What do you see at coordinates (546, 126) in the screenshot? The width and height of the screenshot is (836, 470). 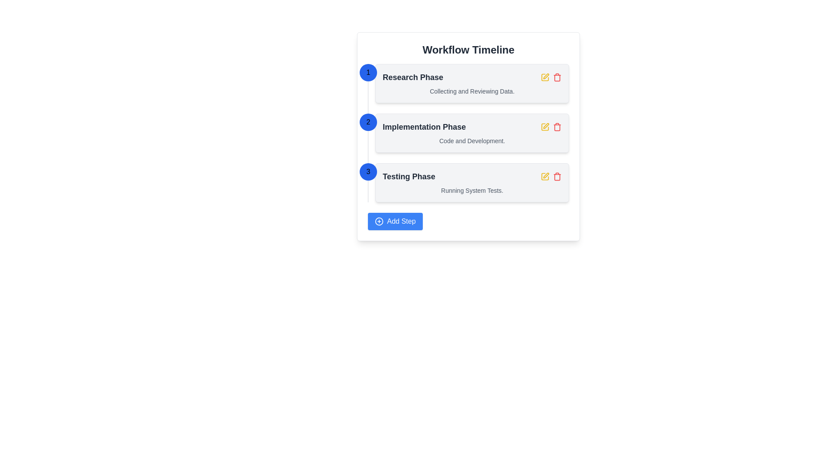 I see `the editing icon button located at the top-right corner of the task labeled 'Implementation Phase'` at bounding box center [546, 126].